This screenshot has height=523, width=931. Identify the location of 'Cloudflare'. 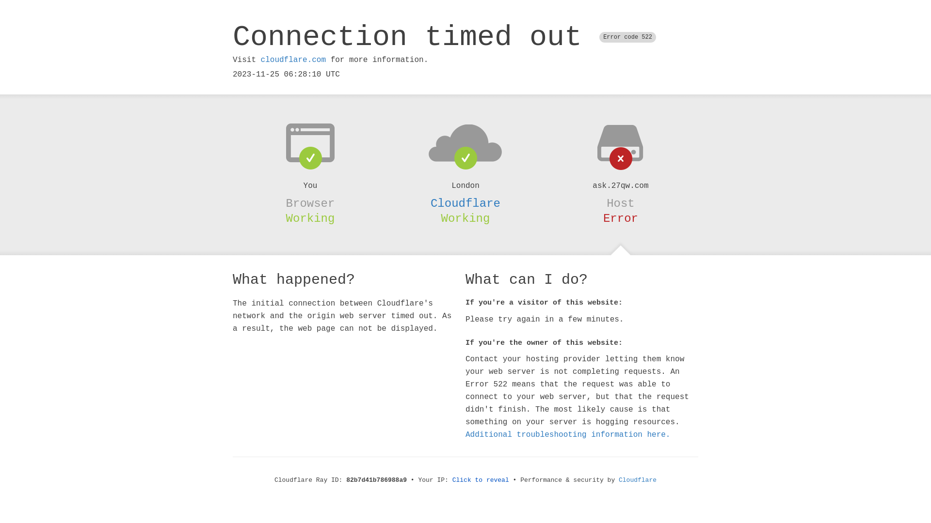
(465, 203).